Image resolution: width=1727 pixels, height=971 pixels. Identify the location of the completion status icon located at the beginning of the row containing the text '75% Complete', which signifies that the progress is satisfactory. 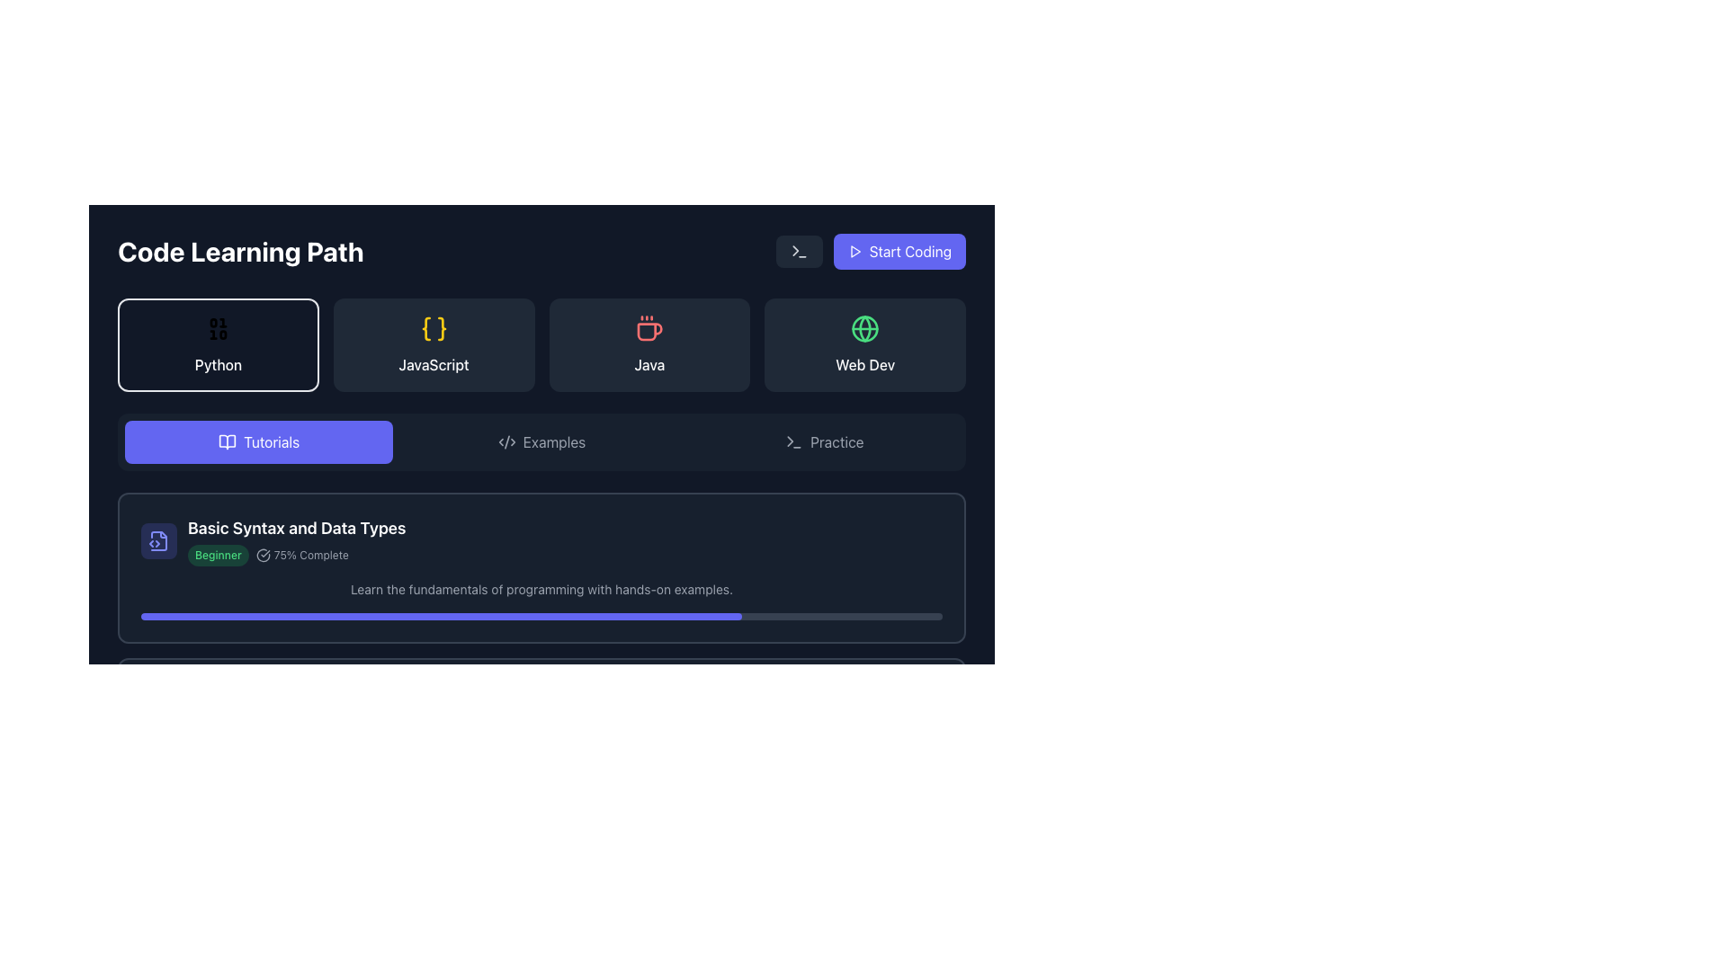
(262, 554).